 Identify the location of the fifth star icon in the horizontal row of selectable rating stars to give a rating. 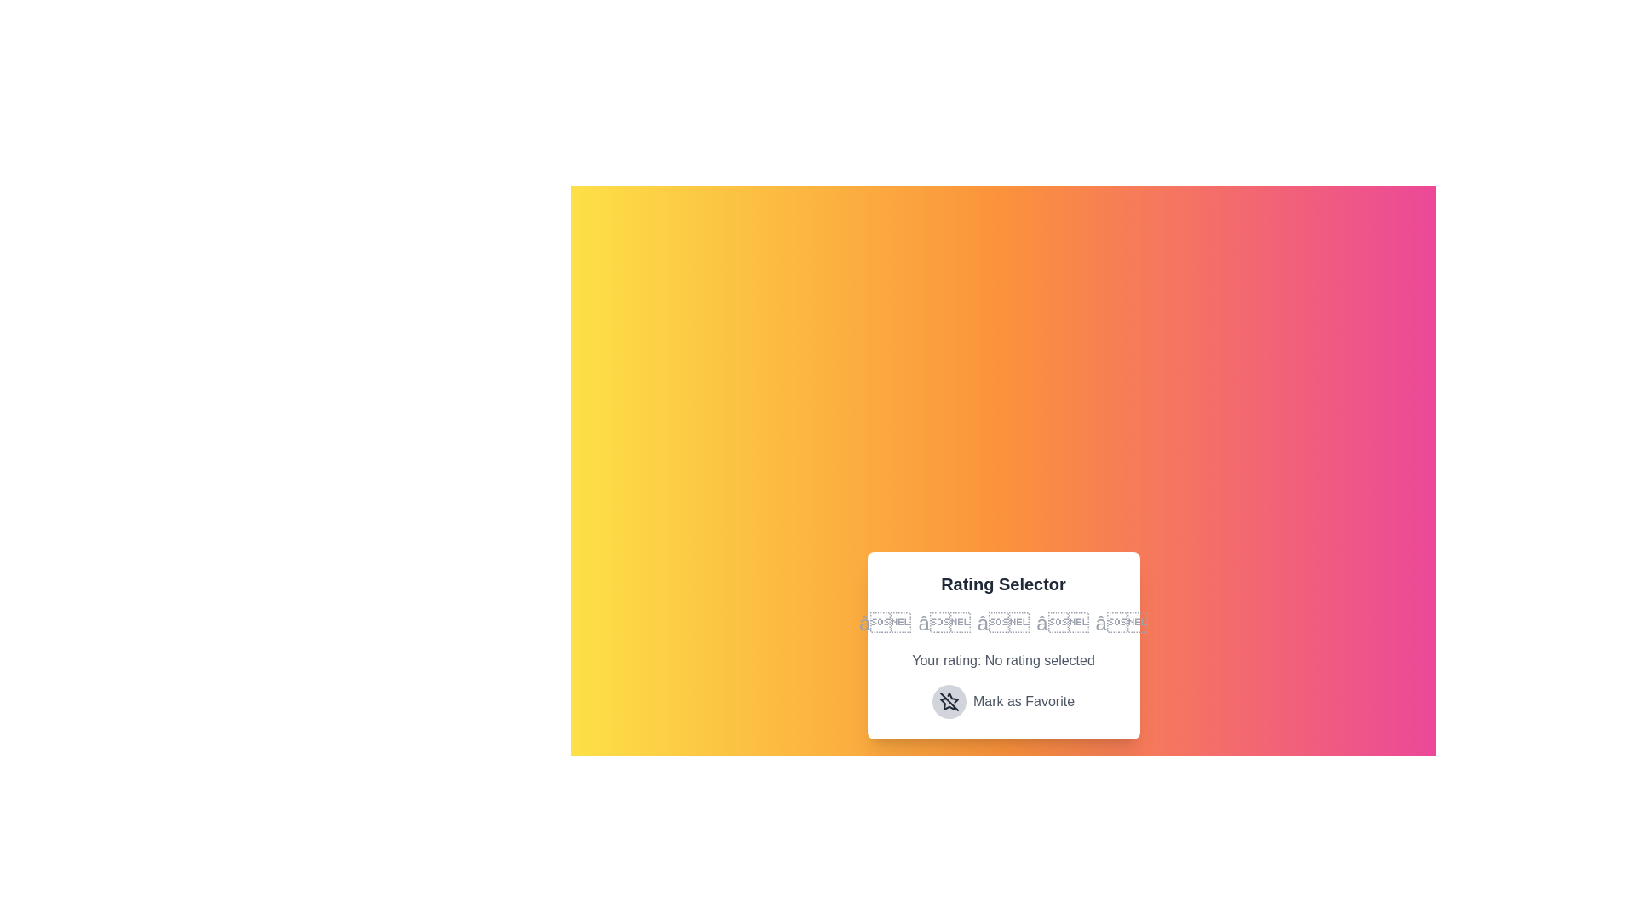
(1122, 624).